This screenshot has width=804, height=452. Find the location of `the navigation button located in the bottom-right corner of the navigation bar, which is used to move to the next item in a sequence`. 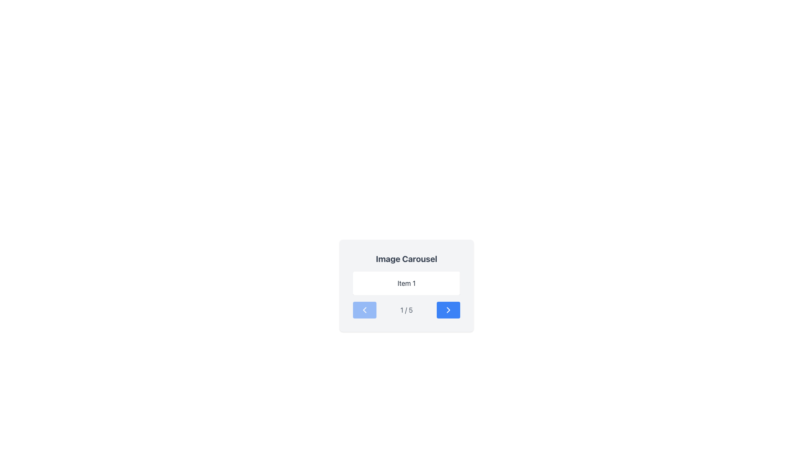

the navigation button located in the bottom-right corner of the navigation bar, which is used to move to the next item in a sequence is located at coordinates (448, 310).